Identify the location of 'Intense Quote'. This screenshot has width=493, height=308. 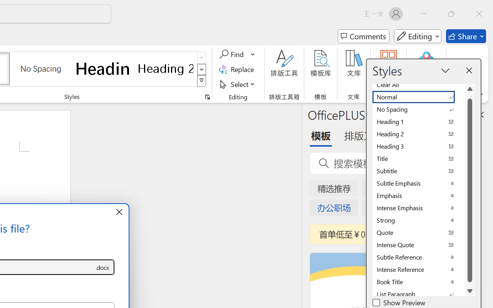
(418, 244).